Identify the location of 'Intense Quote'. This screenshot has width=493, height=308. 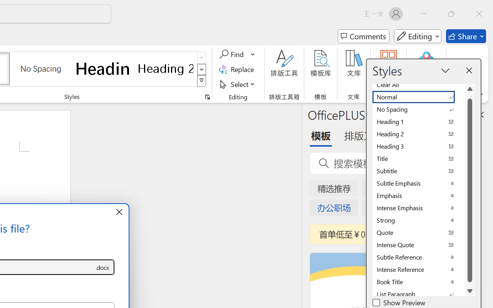
(418, 244).